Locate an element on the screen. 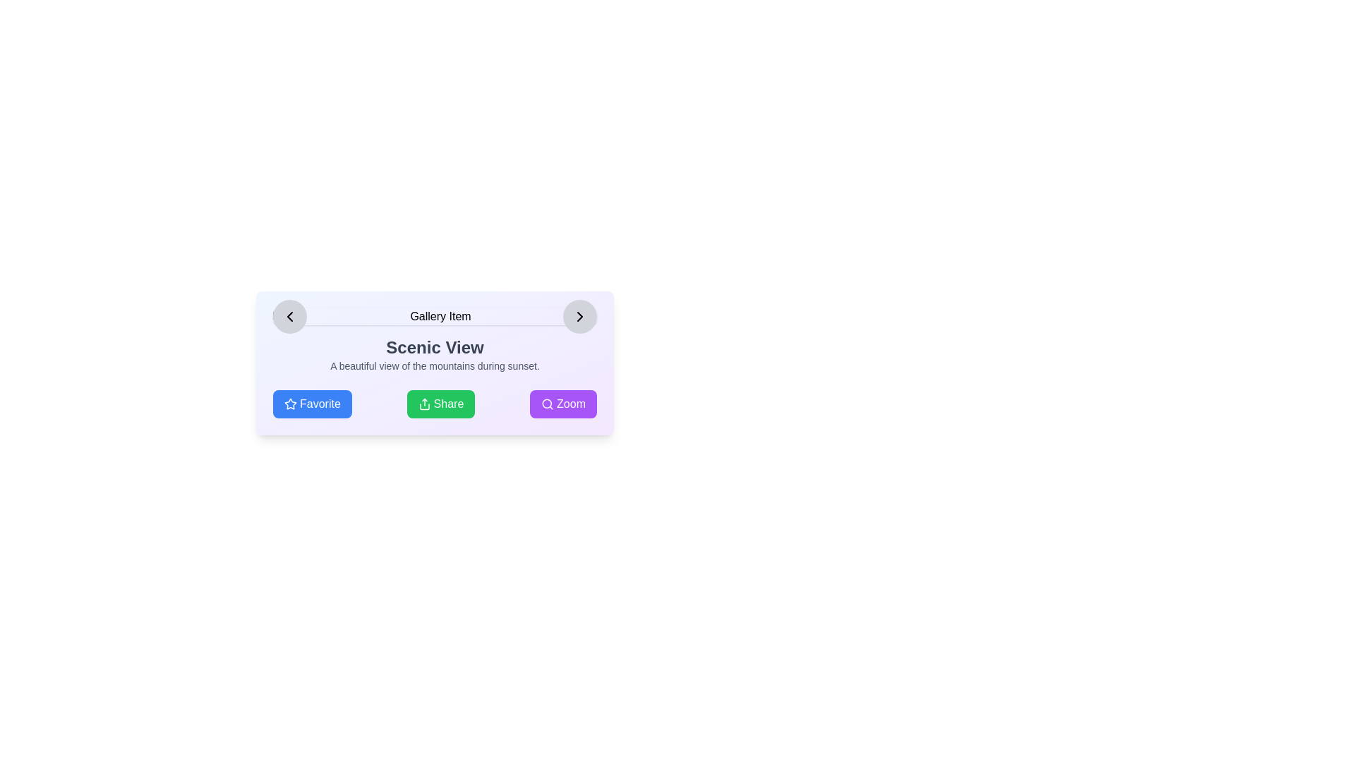 This screenshot has width=1355, height=762. the navigation arrow icon located within the circular button on the left of the gallery item's header is located at coordinates (289, 315).